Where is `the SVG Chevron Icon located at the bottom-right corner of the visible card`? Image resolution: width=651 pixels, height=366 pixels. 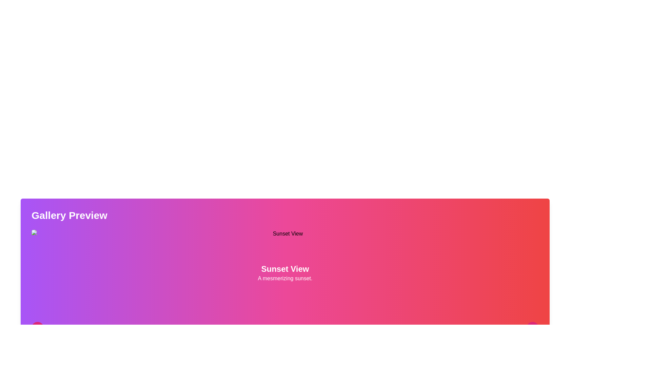 the SVG Chevron Icon located at the bottom-right corner of the visible card is located at coordinates (532, 328).